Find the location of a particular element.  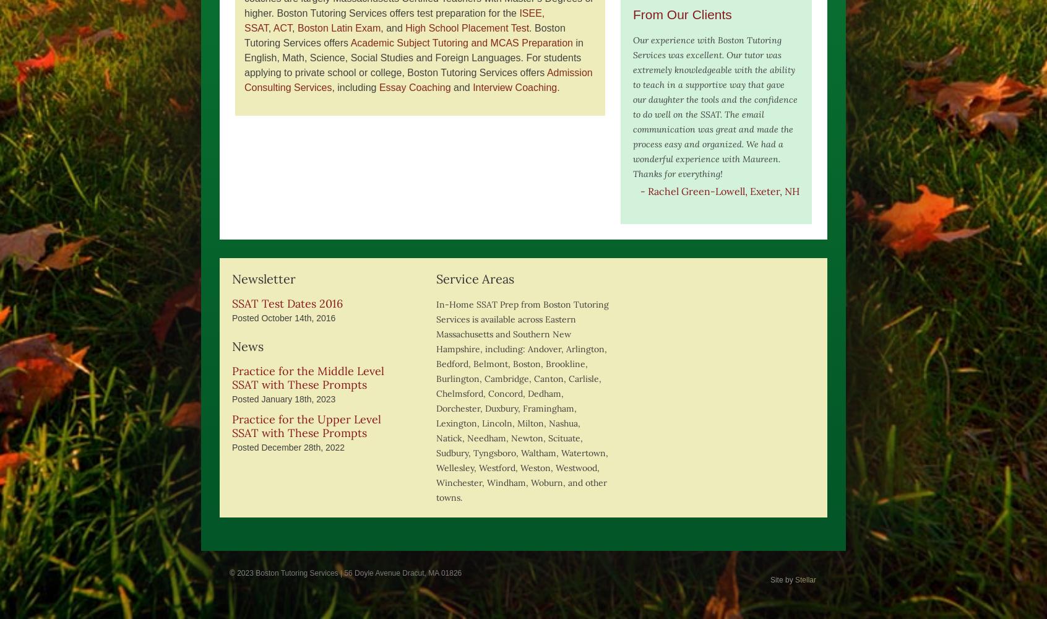

'Our experience with Boston Tutoring Services was excellent. Our tutor was extremely knowledgeable with the ability to teach in a supportive way that gave our daughter the tools and the confidence to do well on the SSAT. The email communication was great and made the process easy and organized. We had a wonderful experience with Maureen. Thanks for everything!' is located at coordinates (714, 107).